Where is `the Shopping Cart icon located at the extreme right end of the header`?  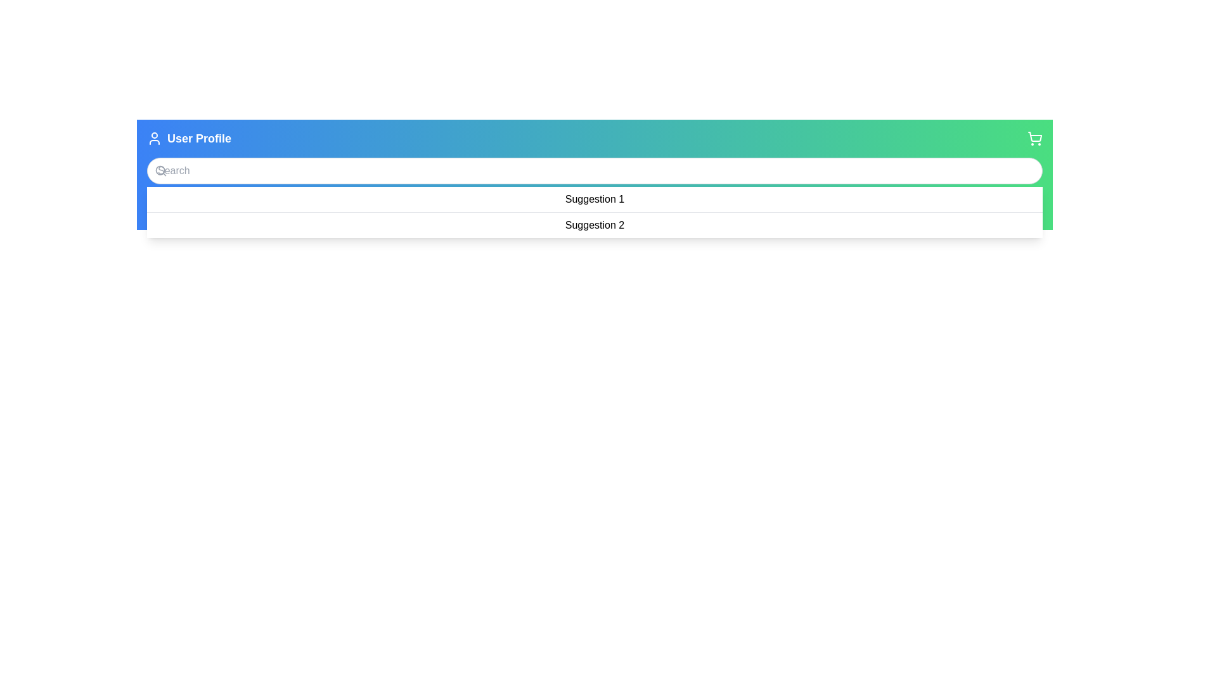 the Shopping Cart icon located at the extreme right end of the header is located at coordinates (1034, 139).